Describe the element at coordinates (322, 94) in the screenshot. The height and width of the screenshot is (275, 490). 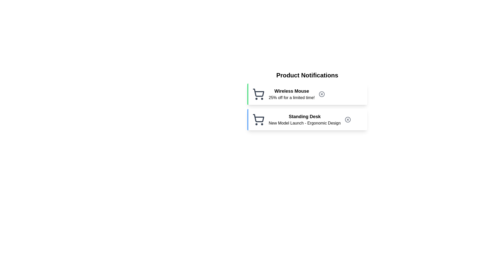
I see `close button for the notification labeled 'Wireless Mouse'` at that location.